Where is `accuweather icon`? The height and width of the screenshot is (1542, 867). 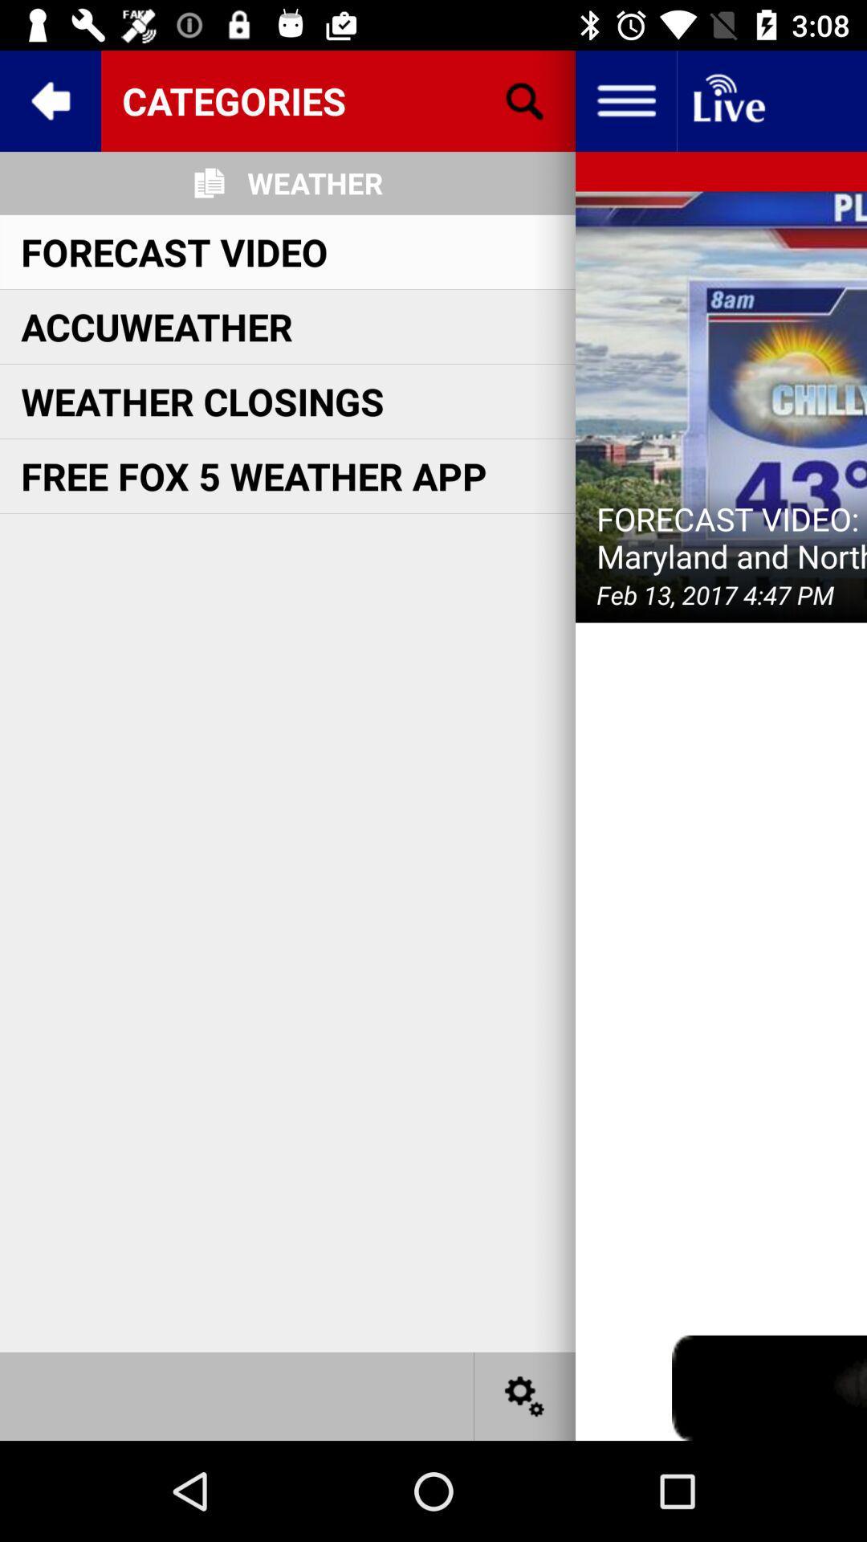
accuweather icon is located at coordinates (157, 325).